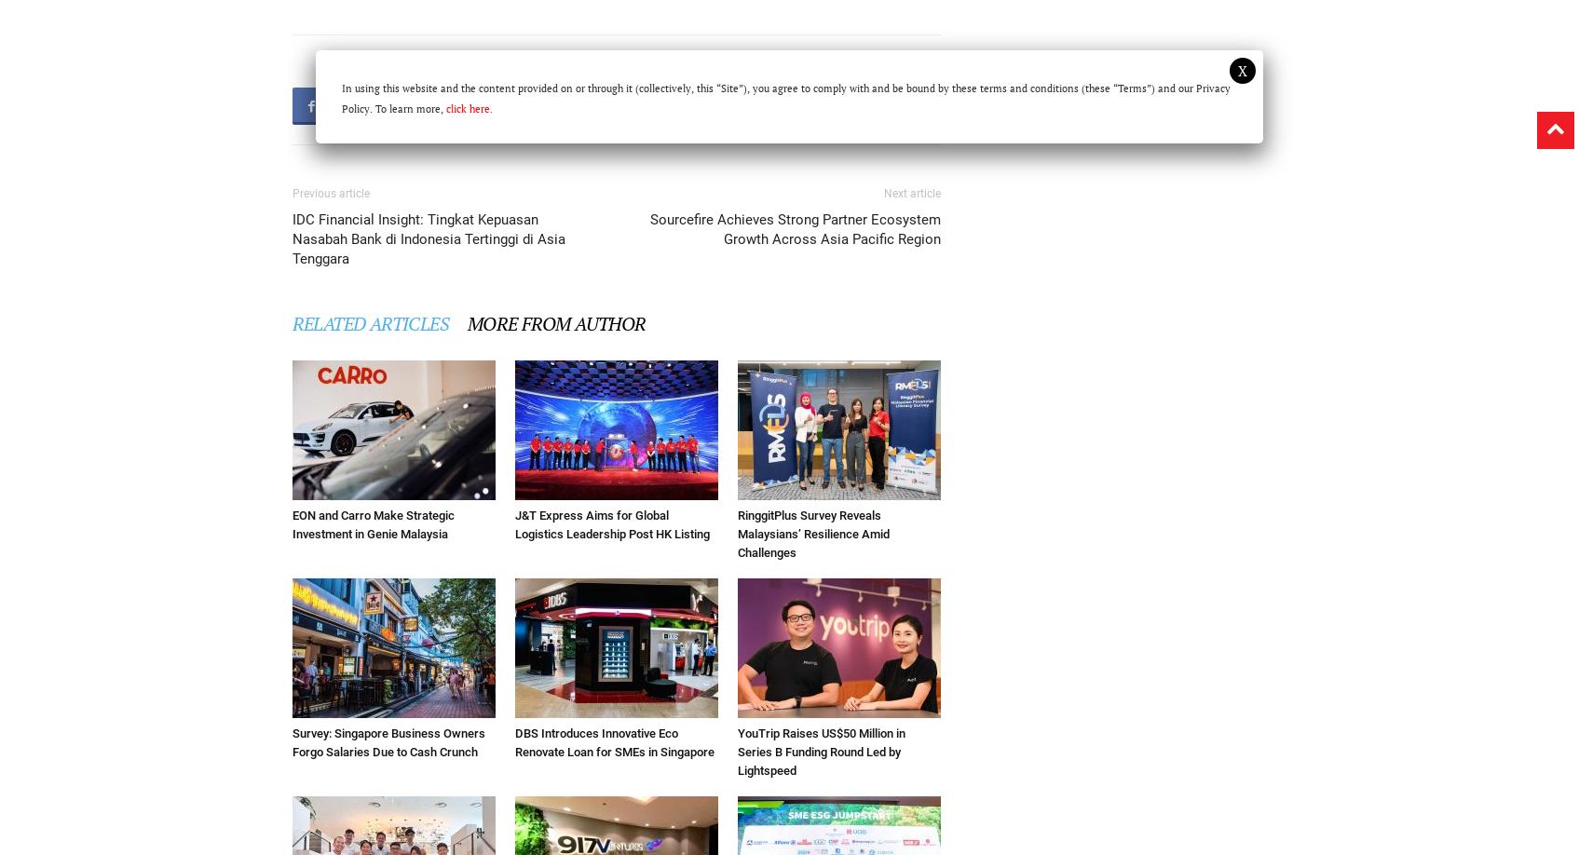 The height and width of the screenshot is (855, 1579). What do you see at coordinates (697, 103) in the screenshot?
I see `'WhatsApp'` at bounding box center [697, 103].